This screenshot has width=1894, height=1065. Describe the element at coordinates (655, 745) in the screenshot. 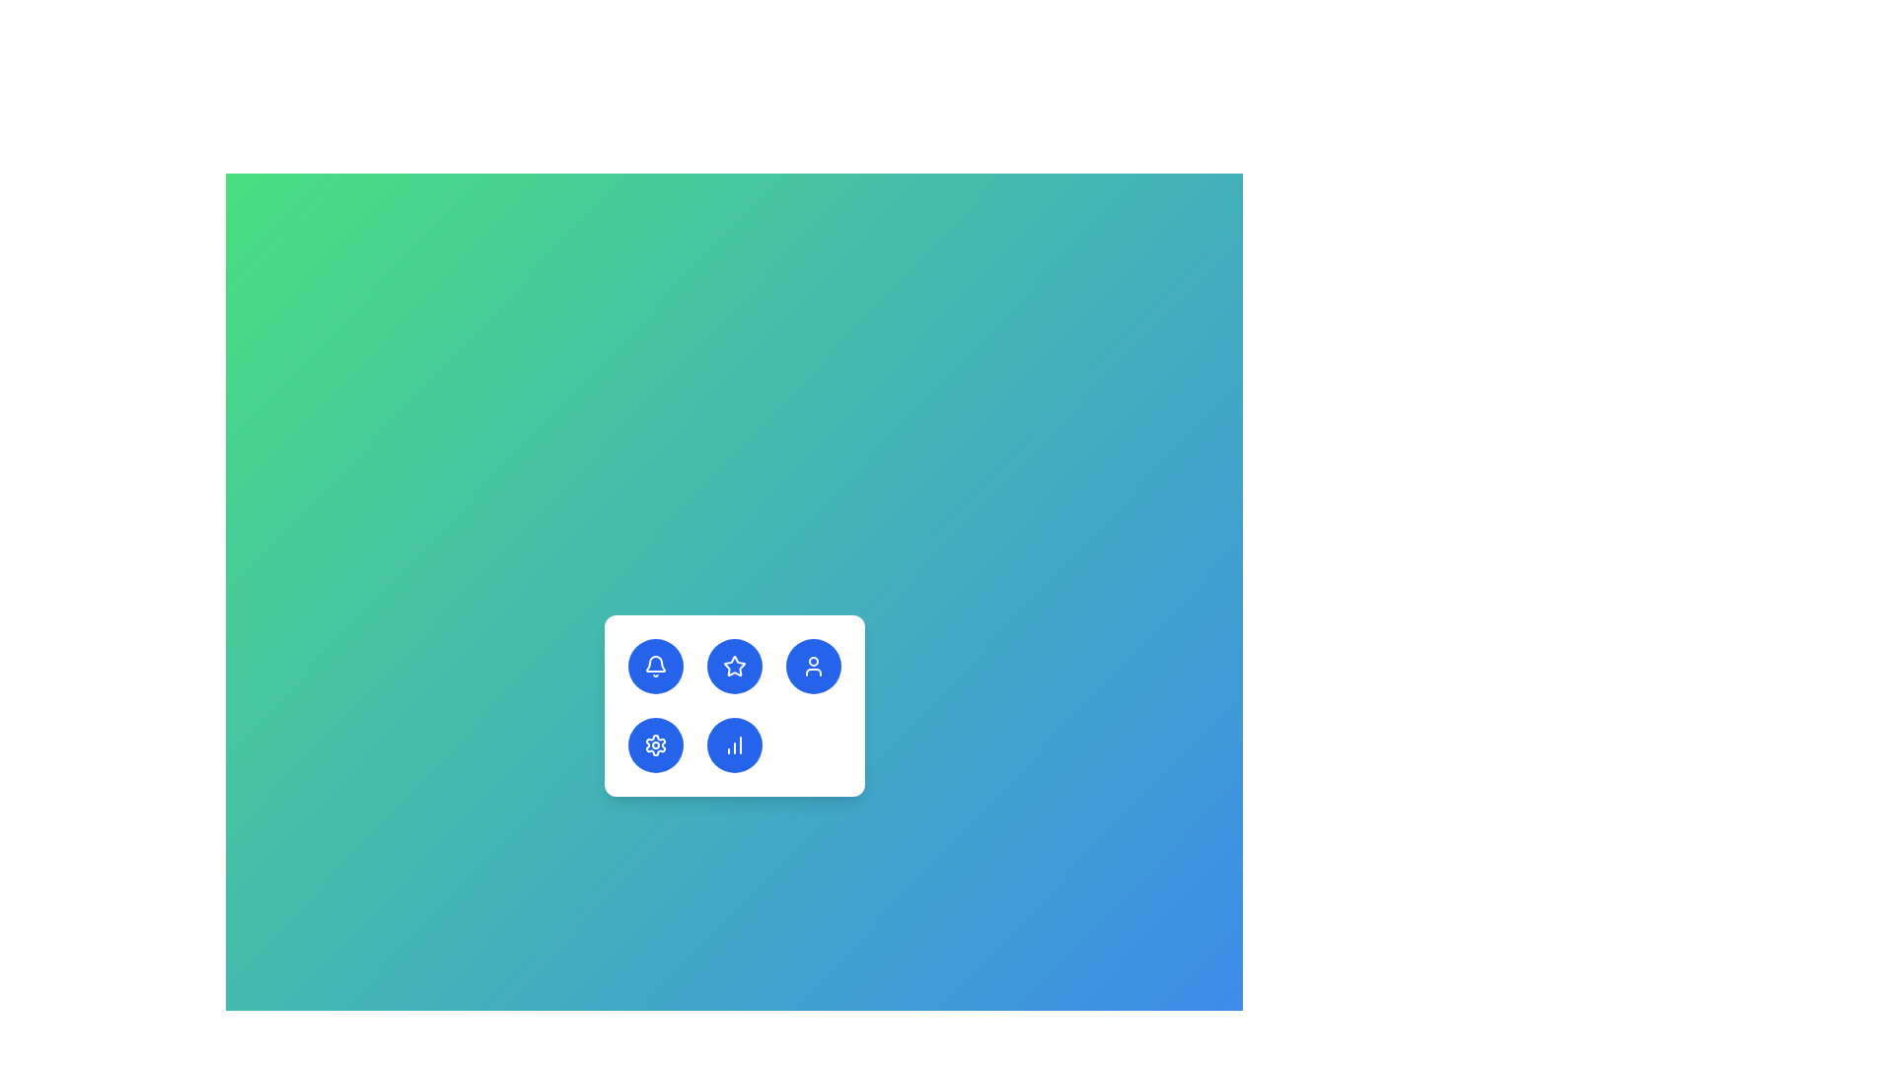

I see `the gear icon button, which is the first element in the second row of a 2x3 grid layout` at that location.